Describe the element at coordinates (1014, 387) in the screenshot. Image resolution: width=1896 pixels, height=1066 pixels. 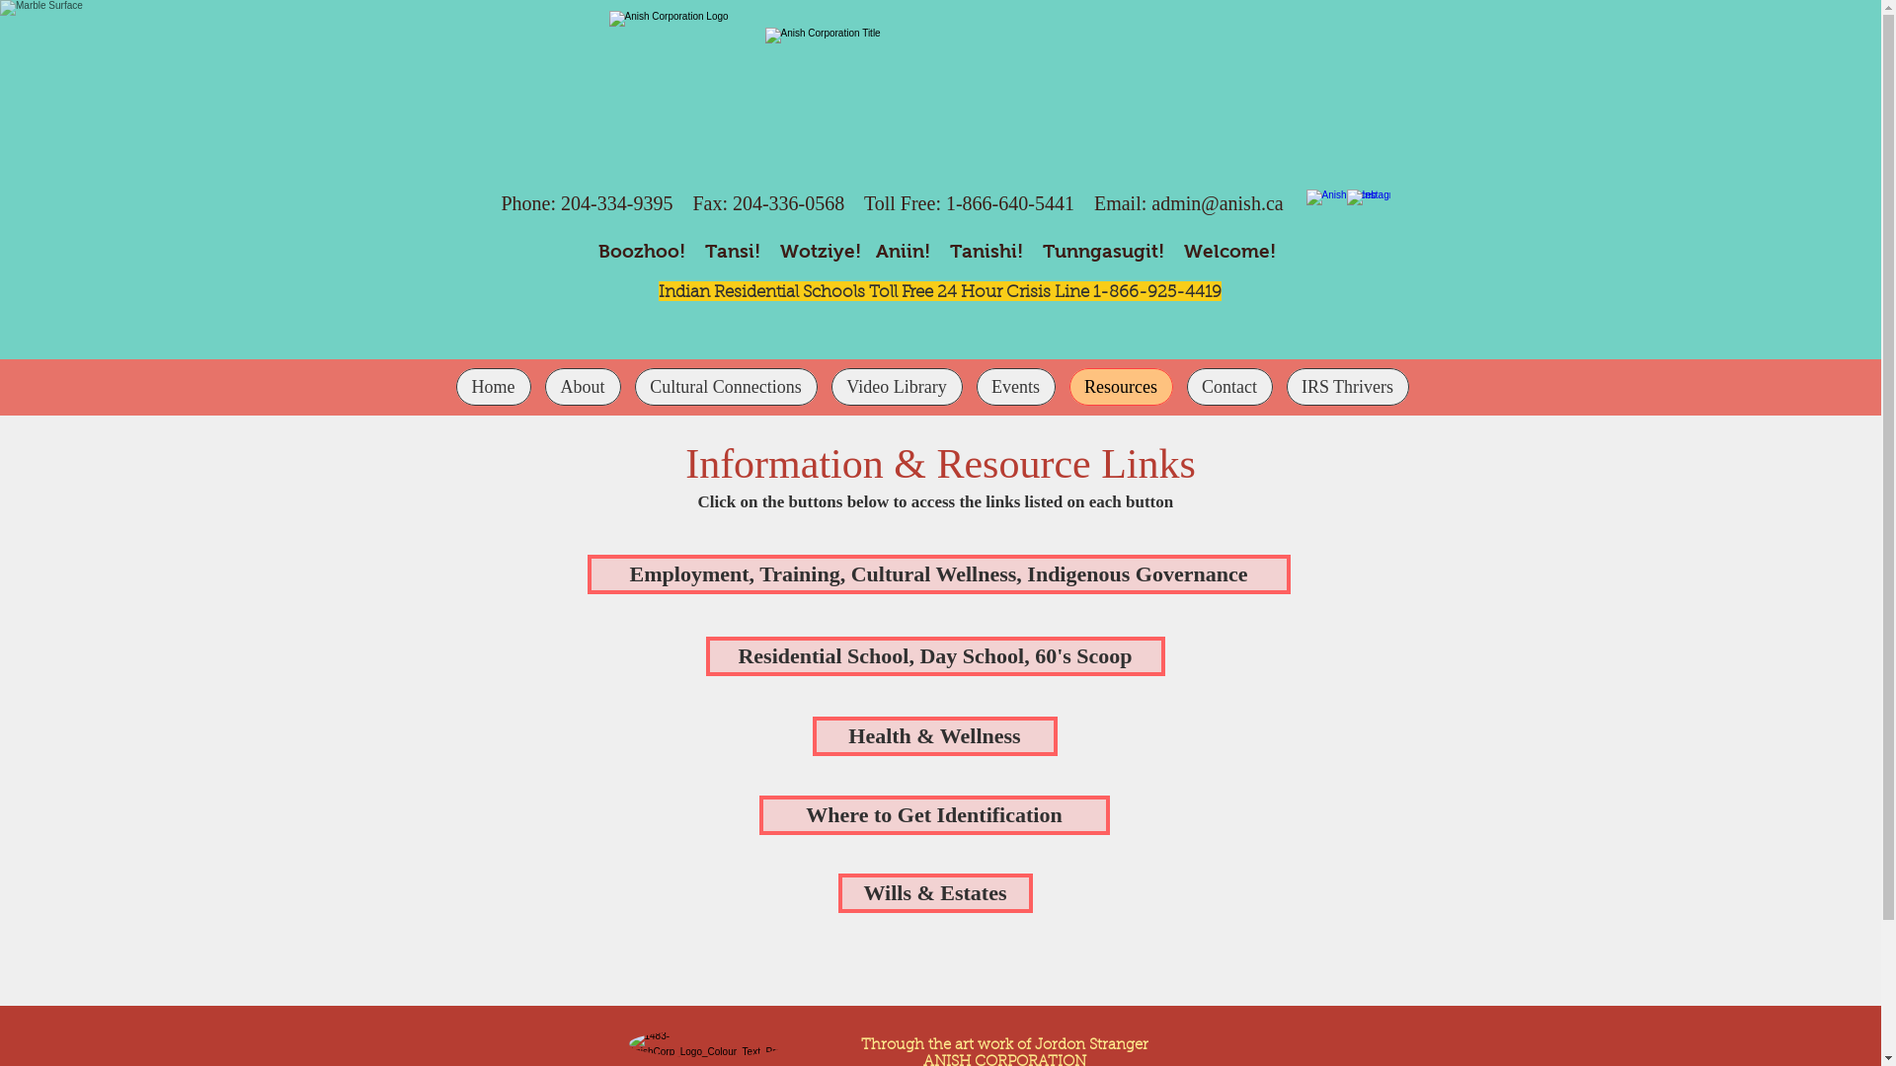
I see `'Events'` at that location.